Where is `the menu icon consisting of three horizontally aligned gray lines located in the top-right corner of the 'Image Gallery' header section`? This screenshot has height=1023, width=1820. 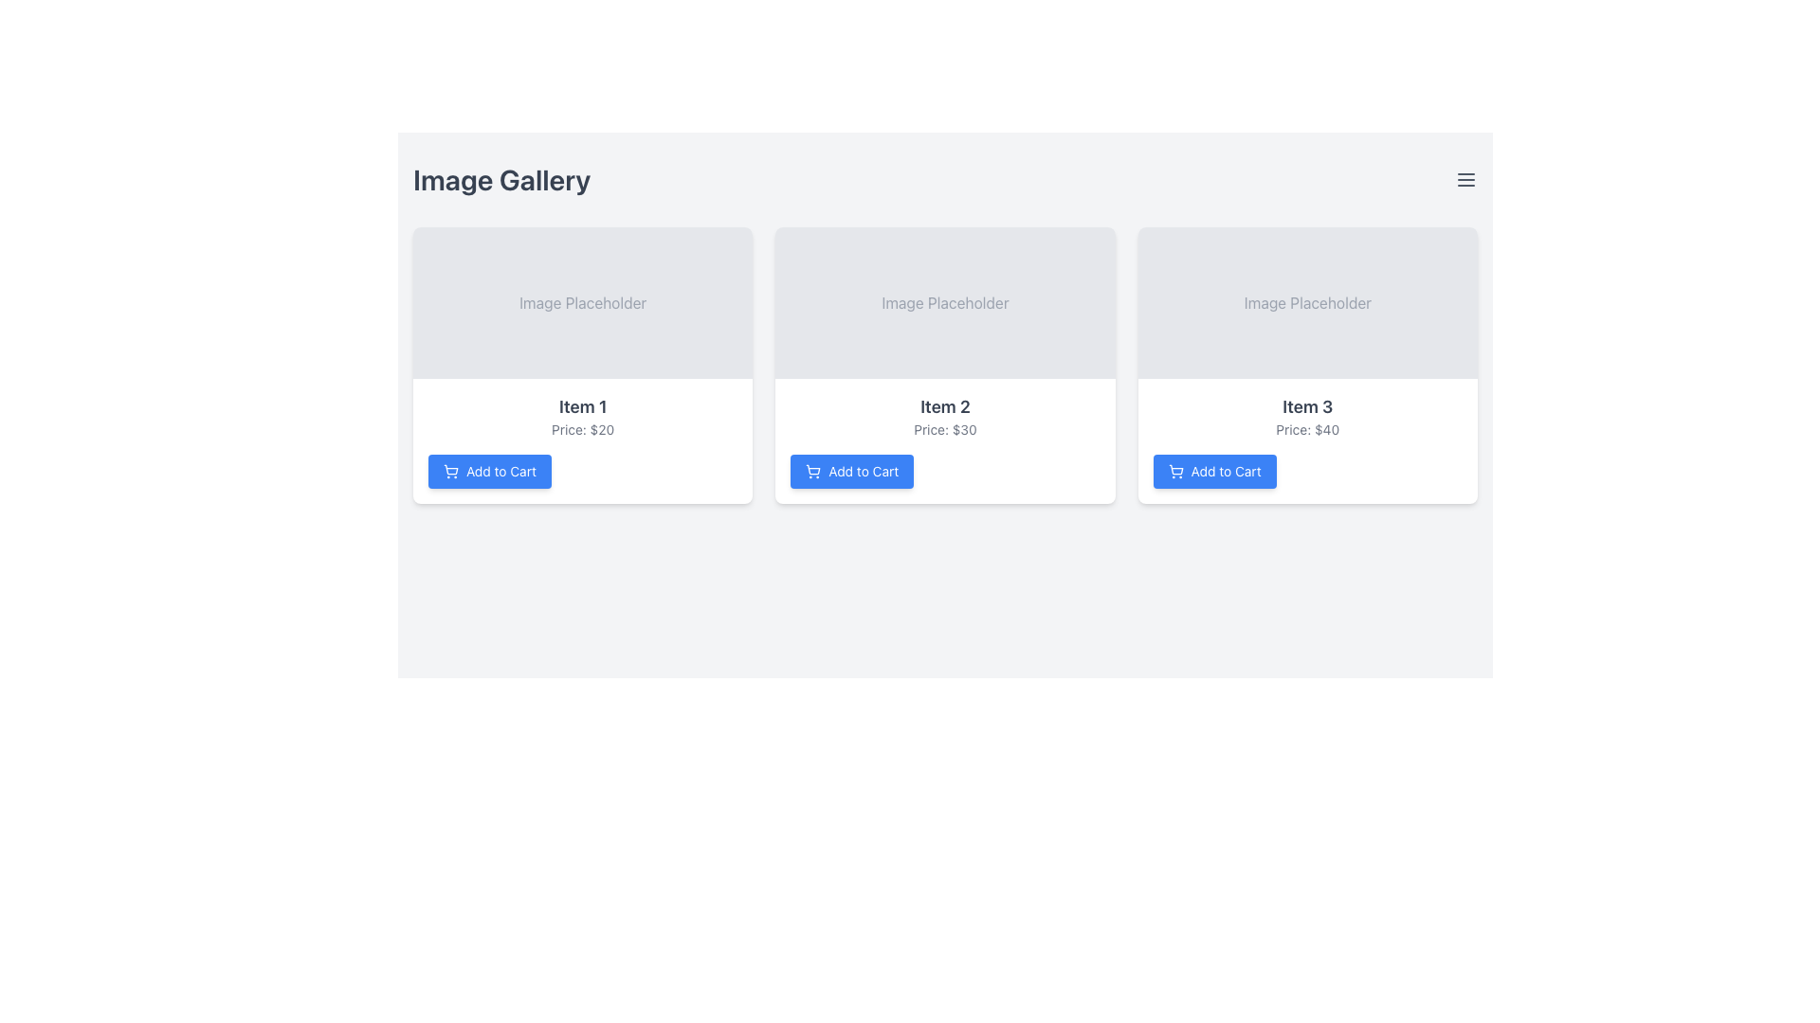
the menu icon consisting of three horizontally aligned gray lines located in the top-right corner of the 'Image Gallery' header section is located at coordinates (1465, 179).